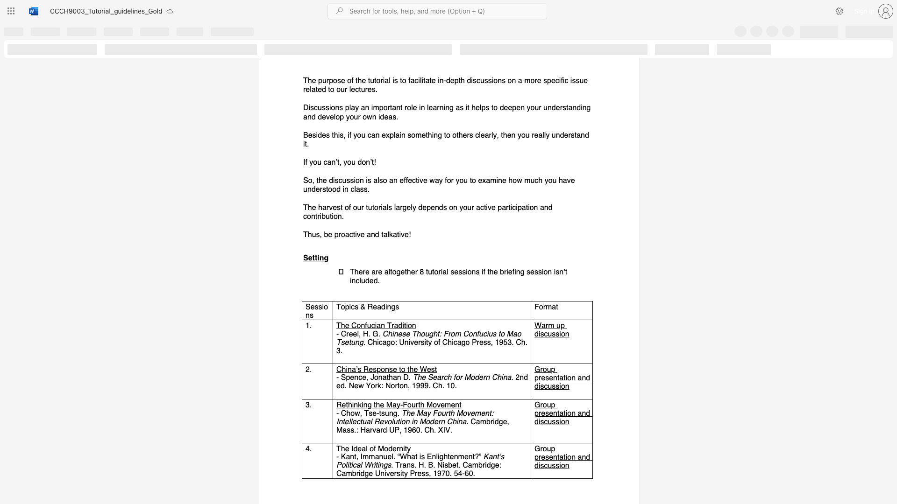  What do you see at coordinates (386, 307) in the screenshot?
I see `the 2th character "i" in the text` at bounding box center [386, 307].